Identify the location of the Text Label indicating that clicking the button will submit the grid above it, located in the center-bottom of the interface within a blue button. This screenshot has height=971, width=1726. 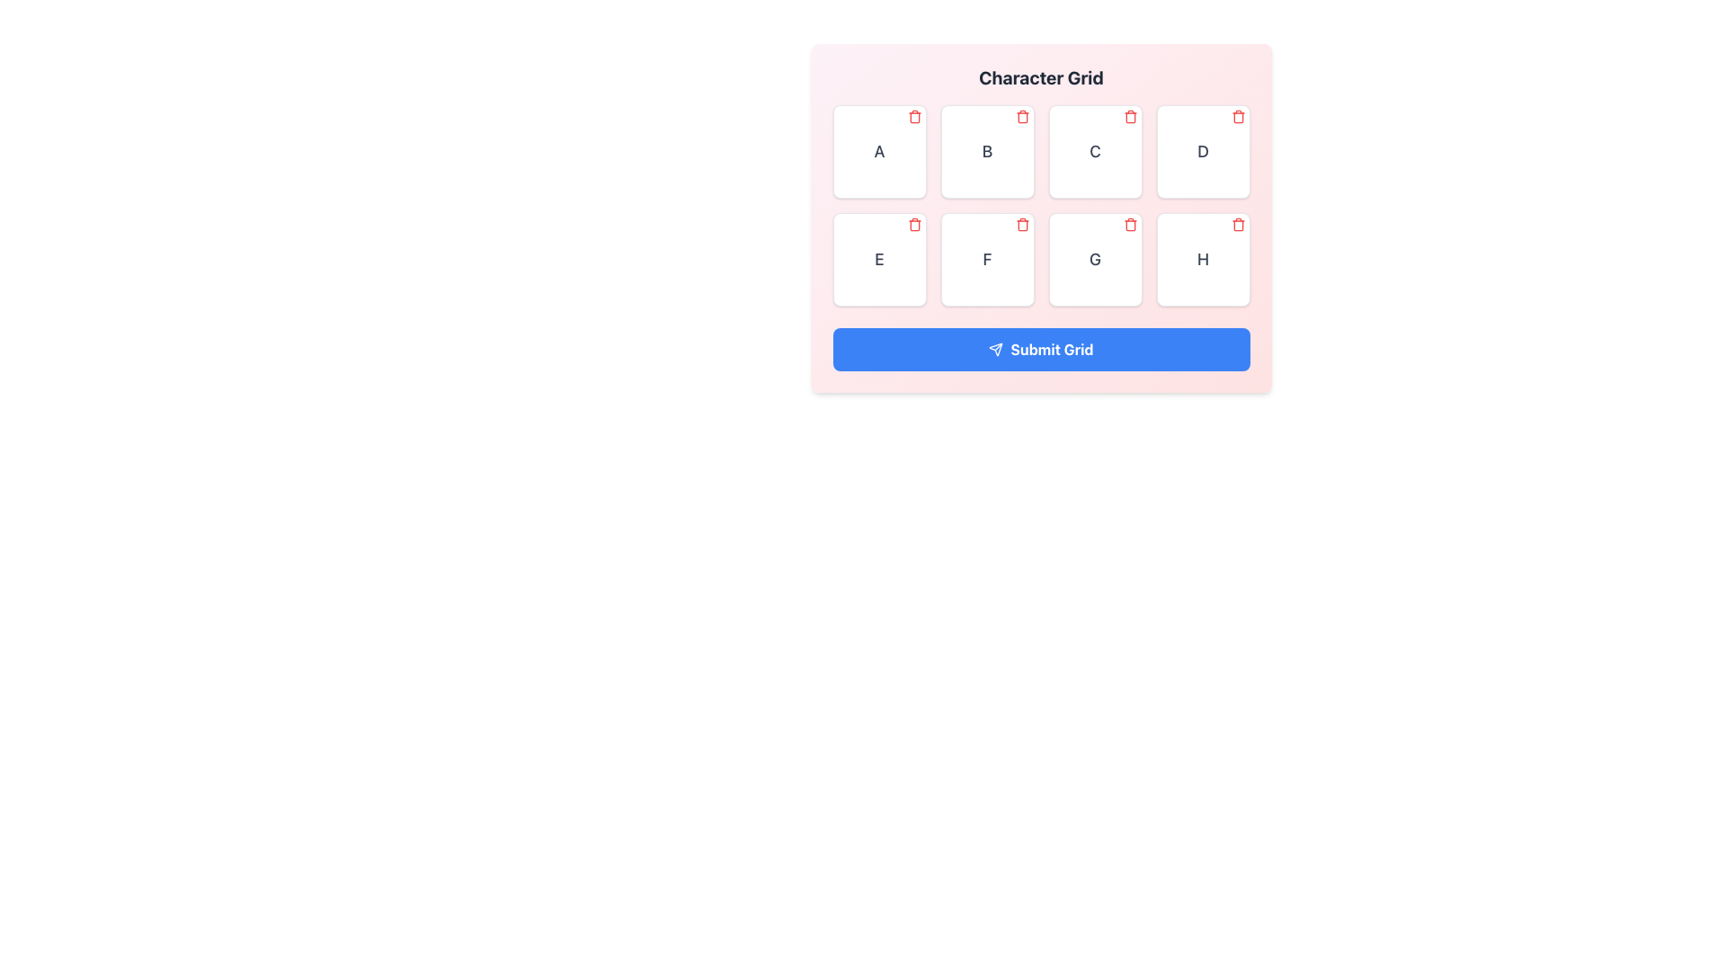
(1052, 350).